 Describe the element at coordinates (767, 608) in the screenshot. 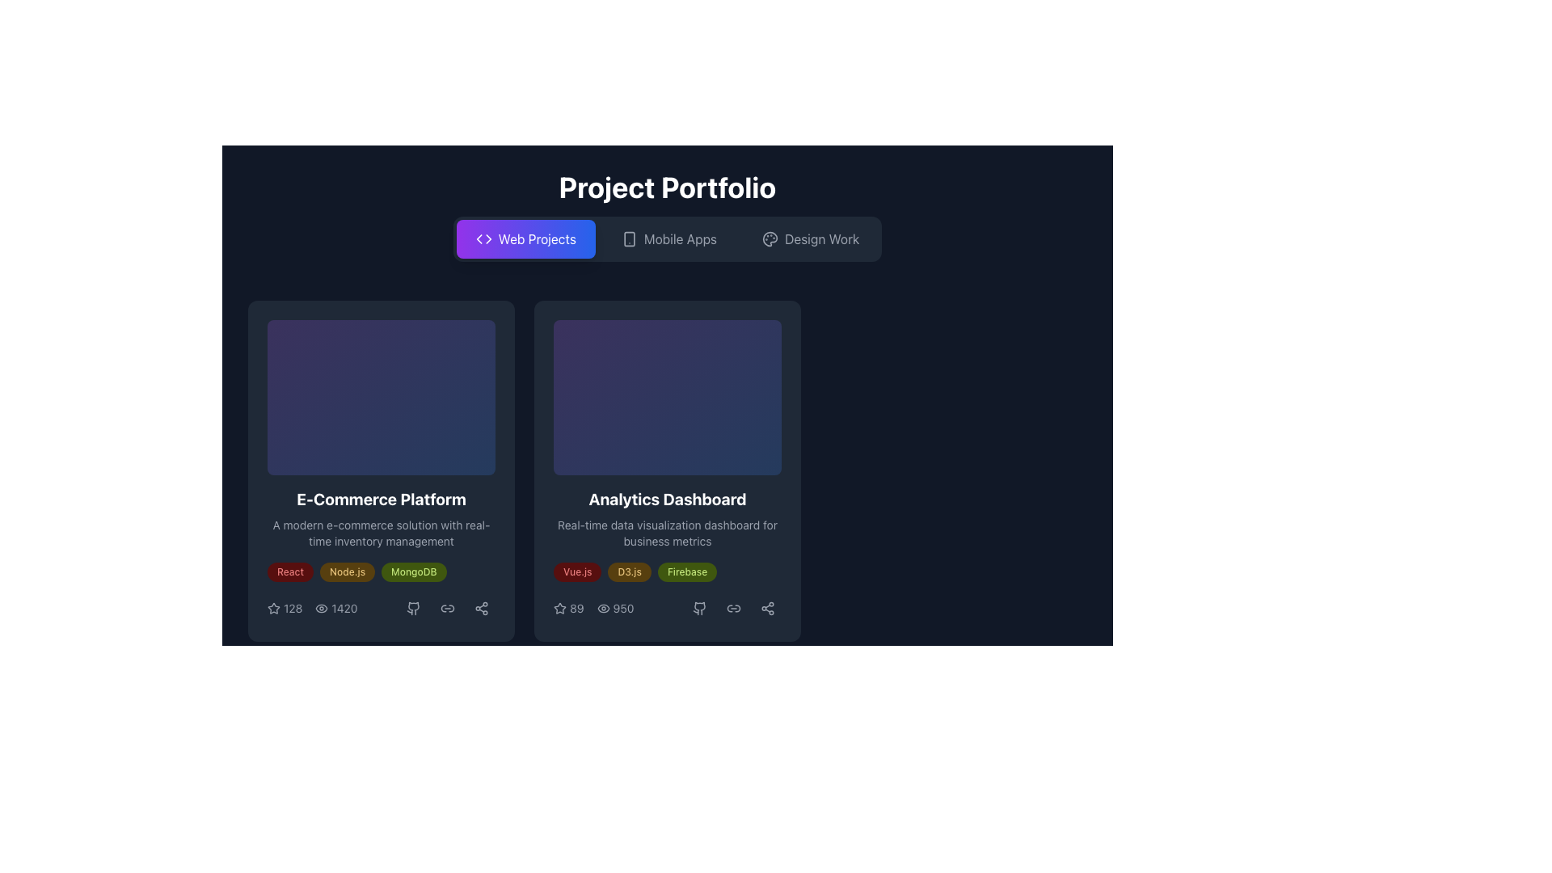

I see `the stylized share or connection symbol icon located in the bottom-right corner of the 'Analytics Dashboard' card` at that location.